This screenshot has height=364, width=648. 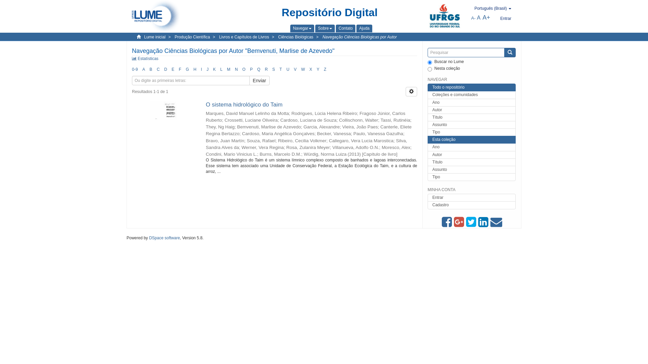 I want to click on 'R', so click(x=265, y=69).